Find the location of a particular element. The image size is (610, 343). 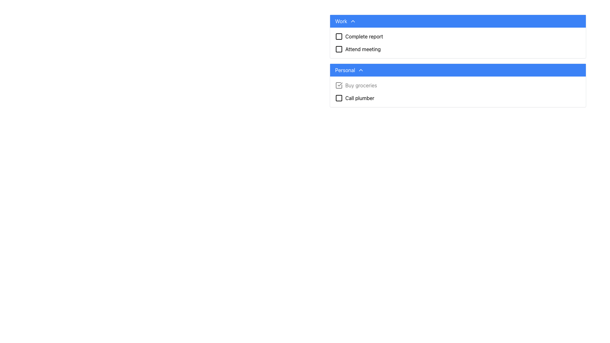

the 'Personal' text label in the dropdown menu header, which is displayed in white font on a blue background and positioned to the left of the chevron icon is located at coordinates (345, 70).